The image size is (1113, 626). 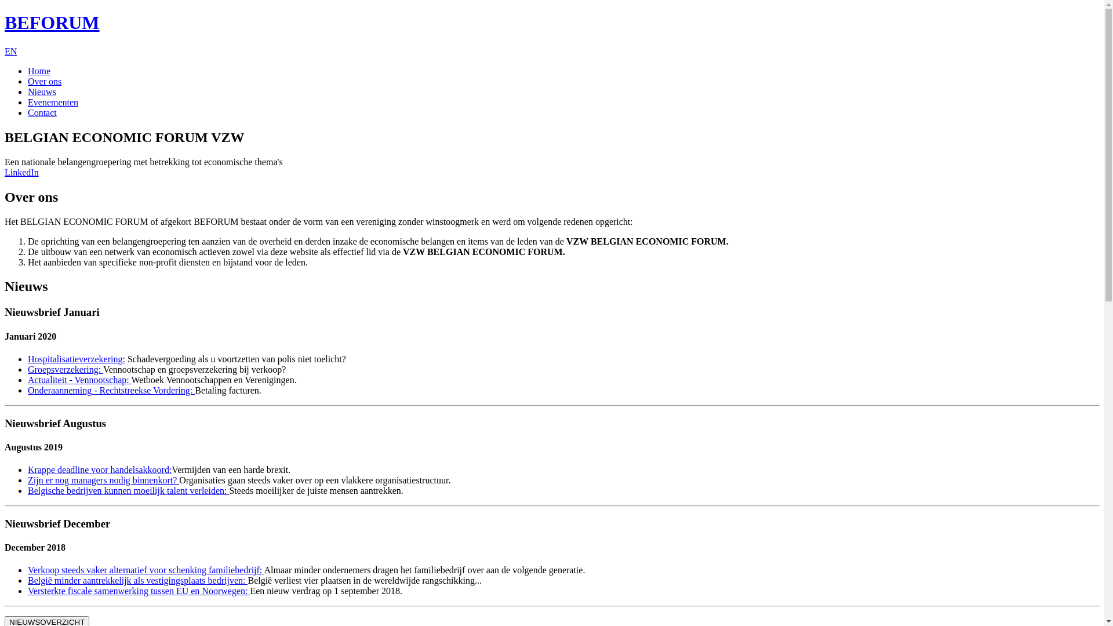 I want to click on 'Contact', so click(x=42, y=112).